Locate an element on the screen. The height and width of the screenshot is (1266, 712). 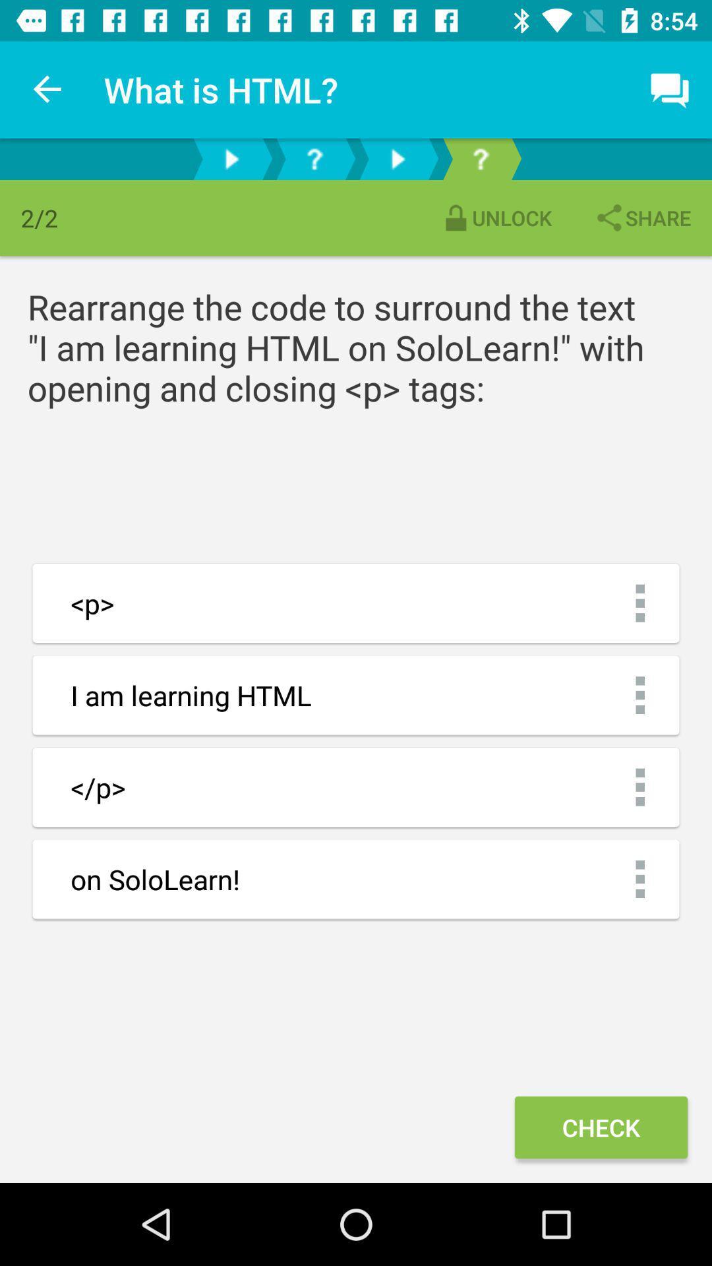
see next page is located at coordinates (231, 158).